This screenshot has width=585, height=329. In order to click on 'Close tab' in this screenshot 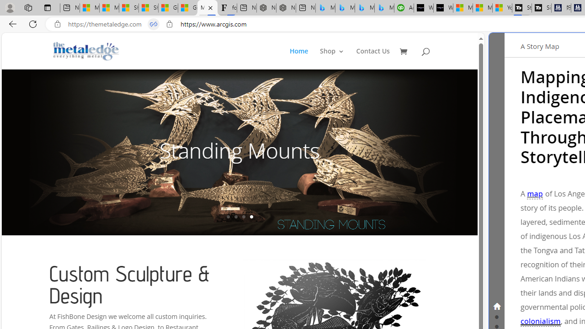, I will do `click(210, 8)`.